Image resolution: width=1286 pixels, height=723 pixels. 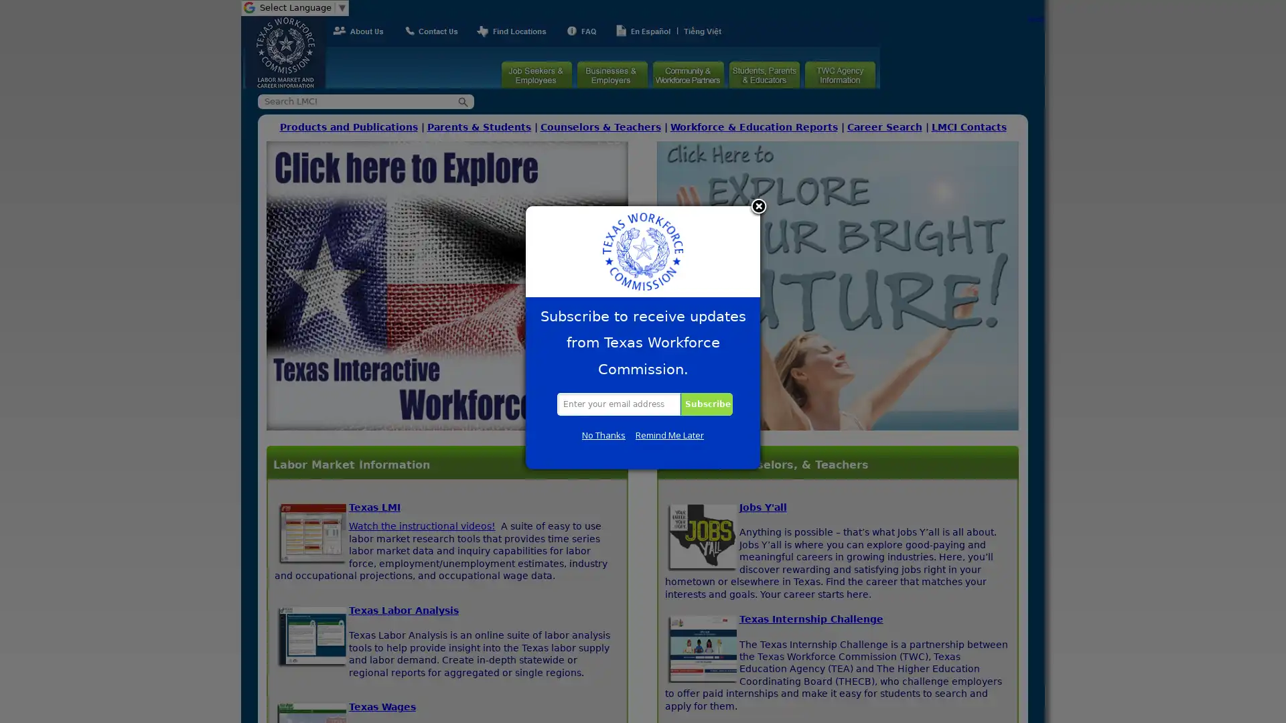 I want to click on Close subscription dialog, so click(x=758, y=207).